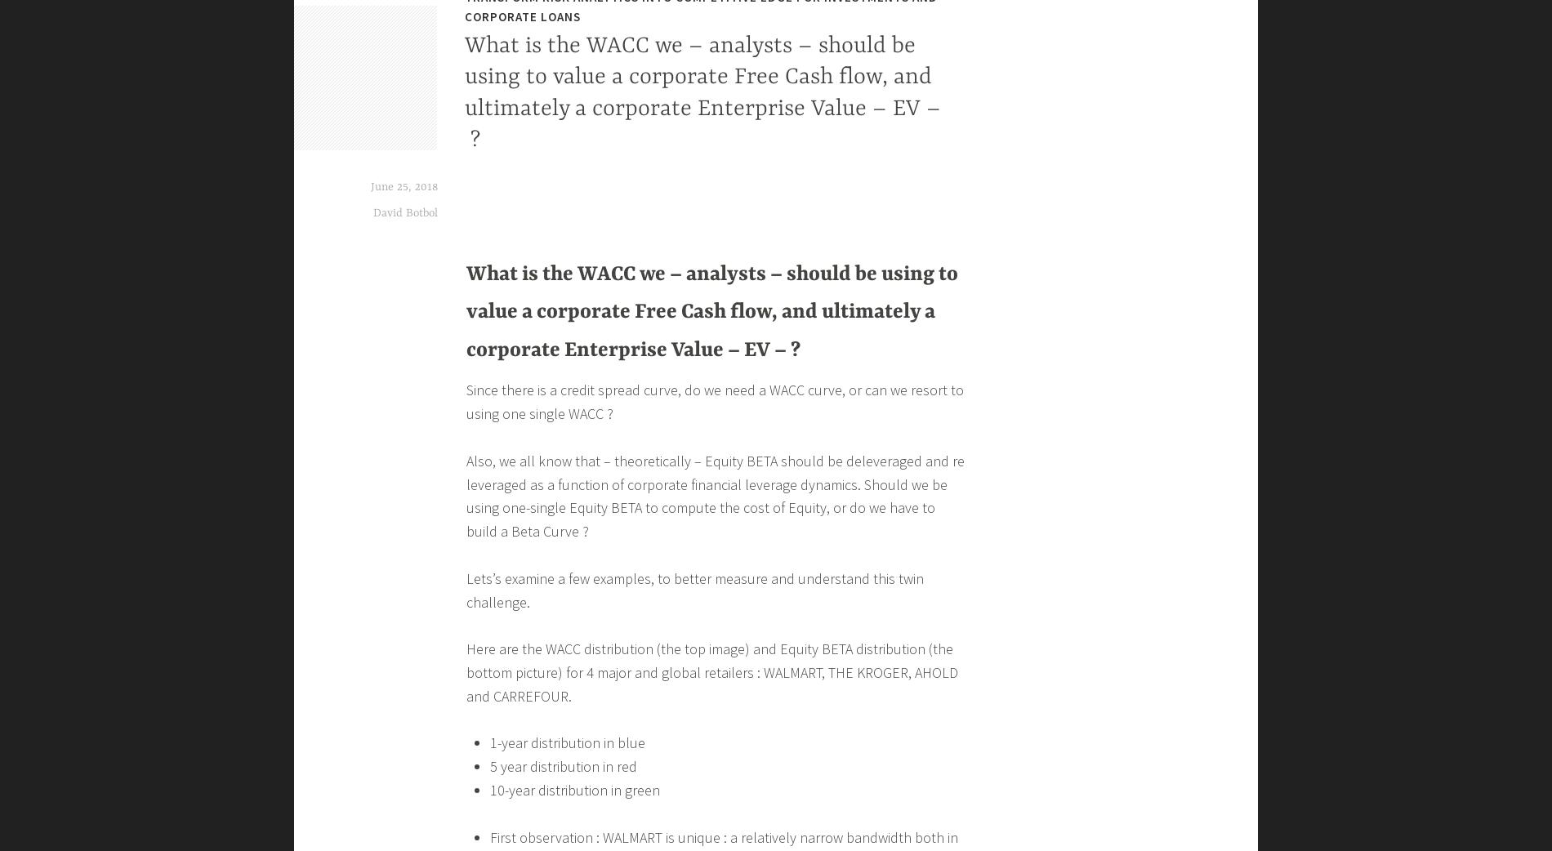 The height and width of the screenshot is (851, 1552). I want to click on 'Message', so click(493, 181).